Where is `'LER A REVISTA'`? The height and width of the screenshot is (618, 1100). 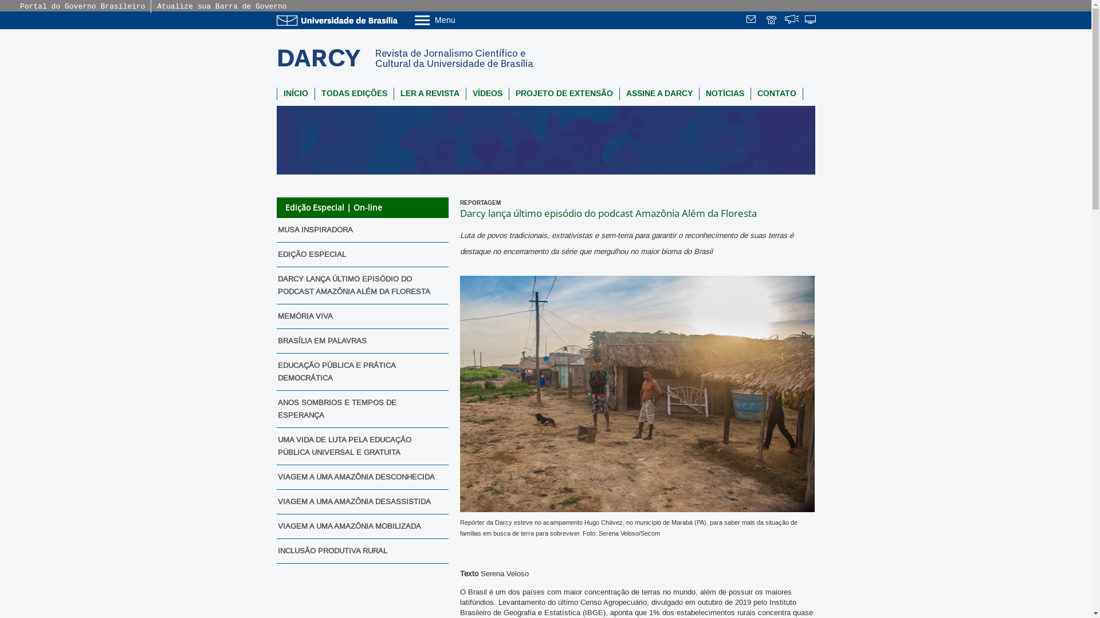 'LER A REVISTA' is located at coordinates (394, 93).